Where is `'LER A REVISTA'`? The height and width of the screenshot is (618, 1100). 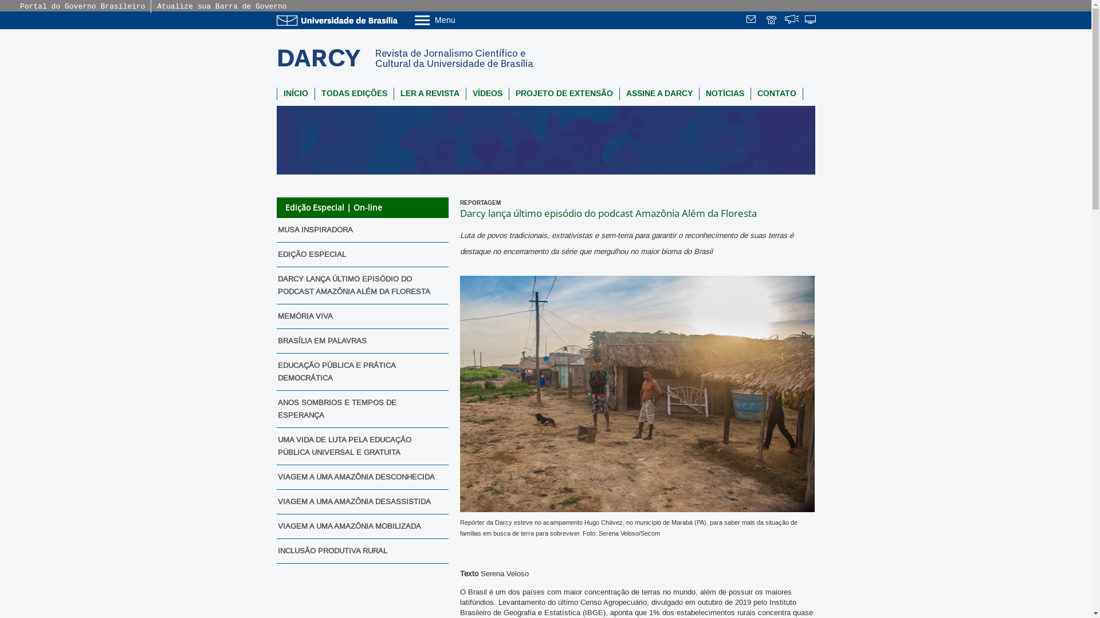 'LER A REVISTA' is located at coordinates (394, 93).